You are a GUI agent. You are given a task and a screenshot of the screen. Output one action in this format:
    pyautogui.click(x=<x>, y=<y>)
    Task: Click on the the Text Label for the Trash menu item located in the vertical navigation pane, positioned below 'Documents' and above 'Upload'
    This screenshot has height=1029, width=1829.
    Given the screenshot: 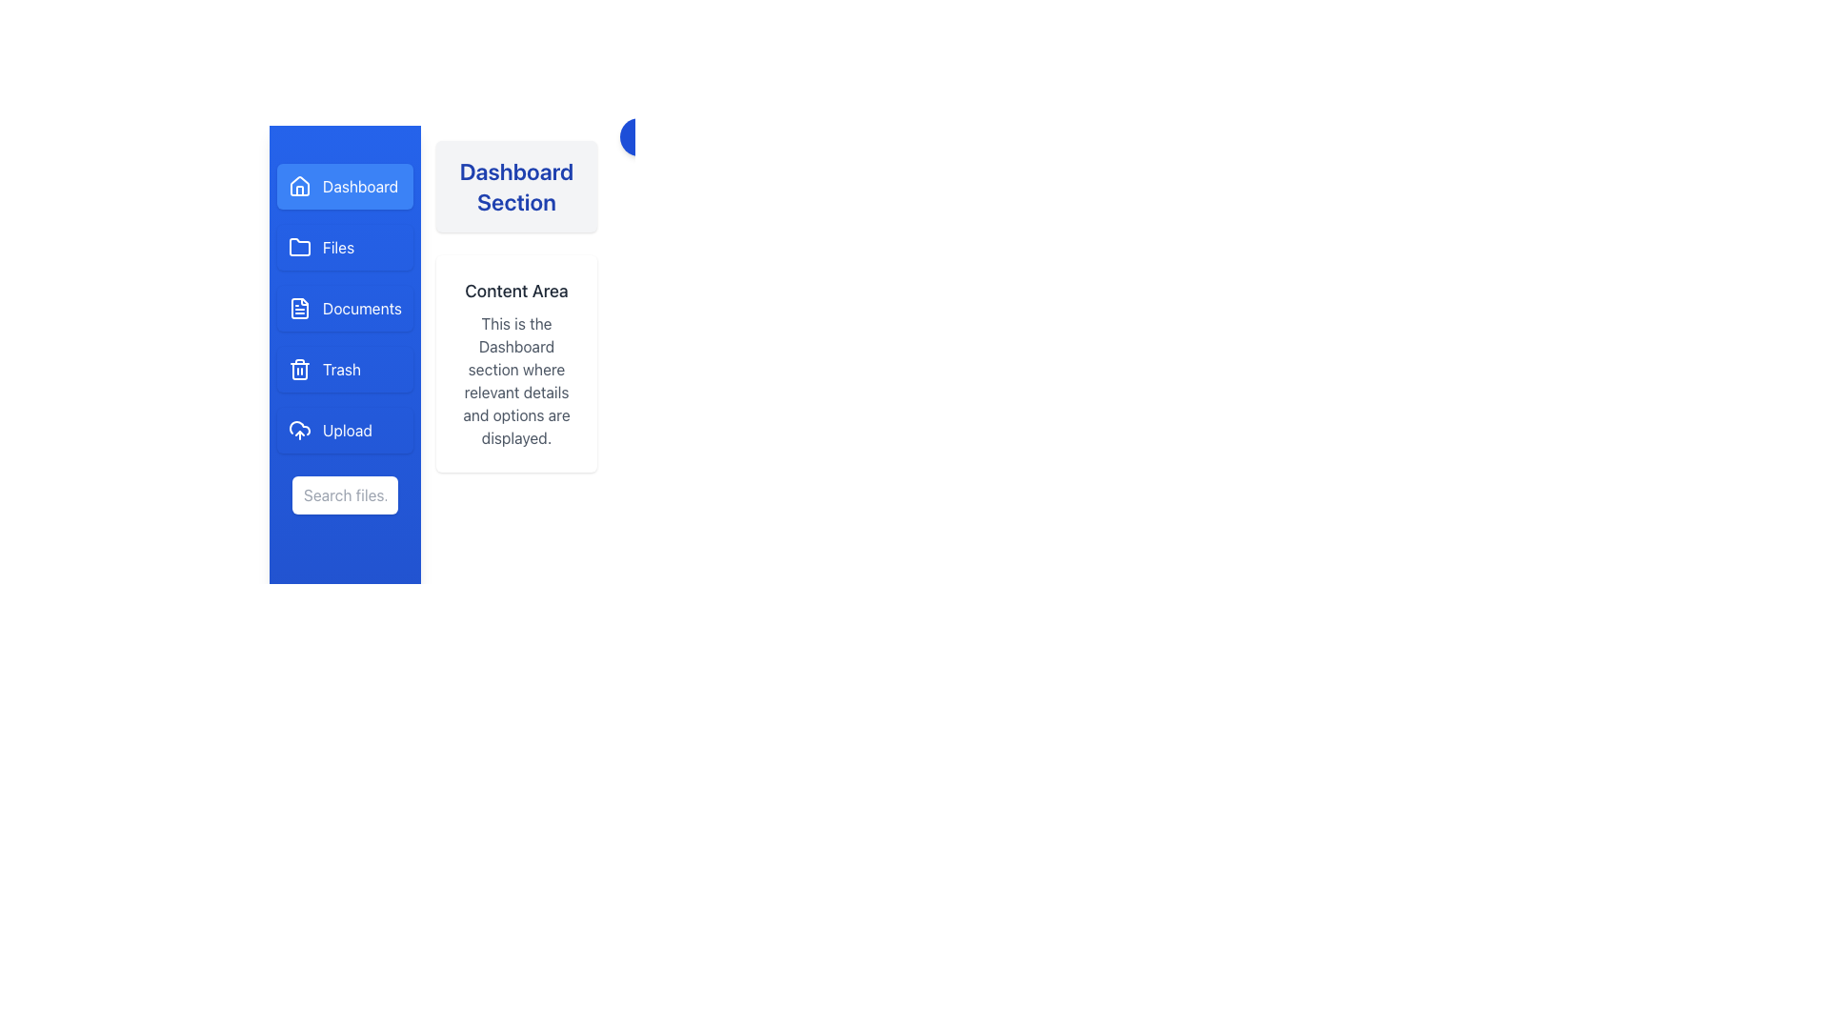 What is the action you would take?
    pyautogui.click(x=342, y=370)
    